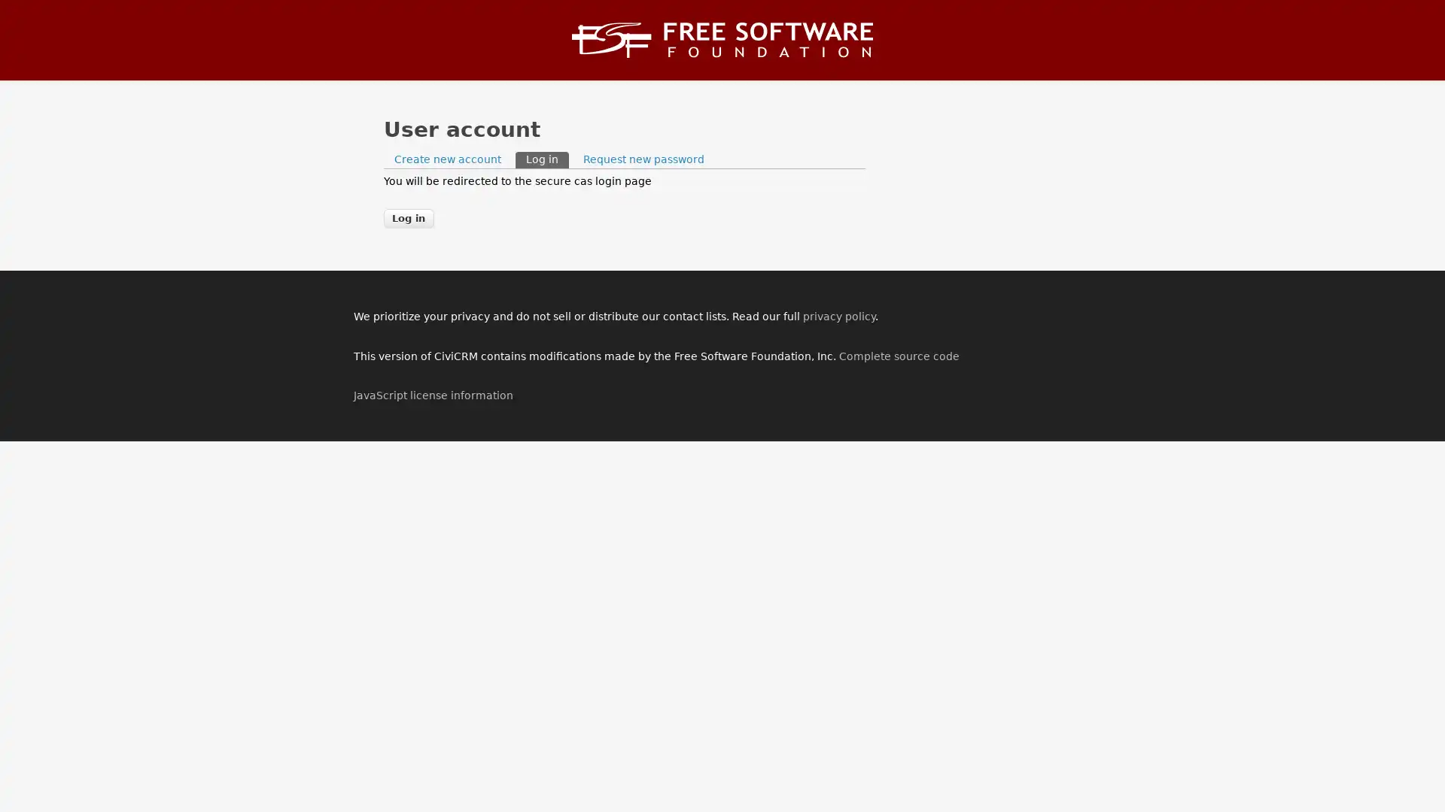 The width and height of the screenshot is (1445, 812). Describe the element at coordinates (408, 218) in the screenshot. I see `Log in` at that location.